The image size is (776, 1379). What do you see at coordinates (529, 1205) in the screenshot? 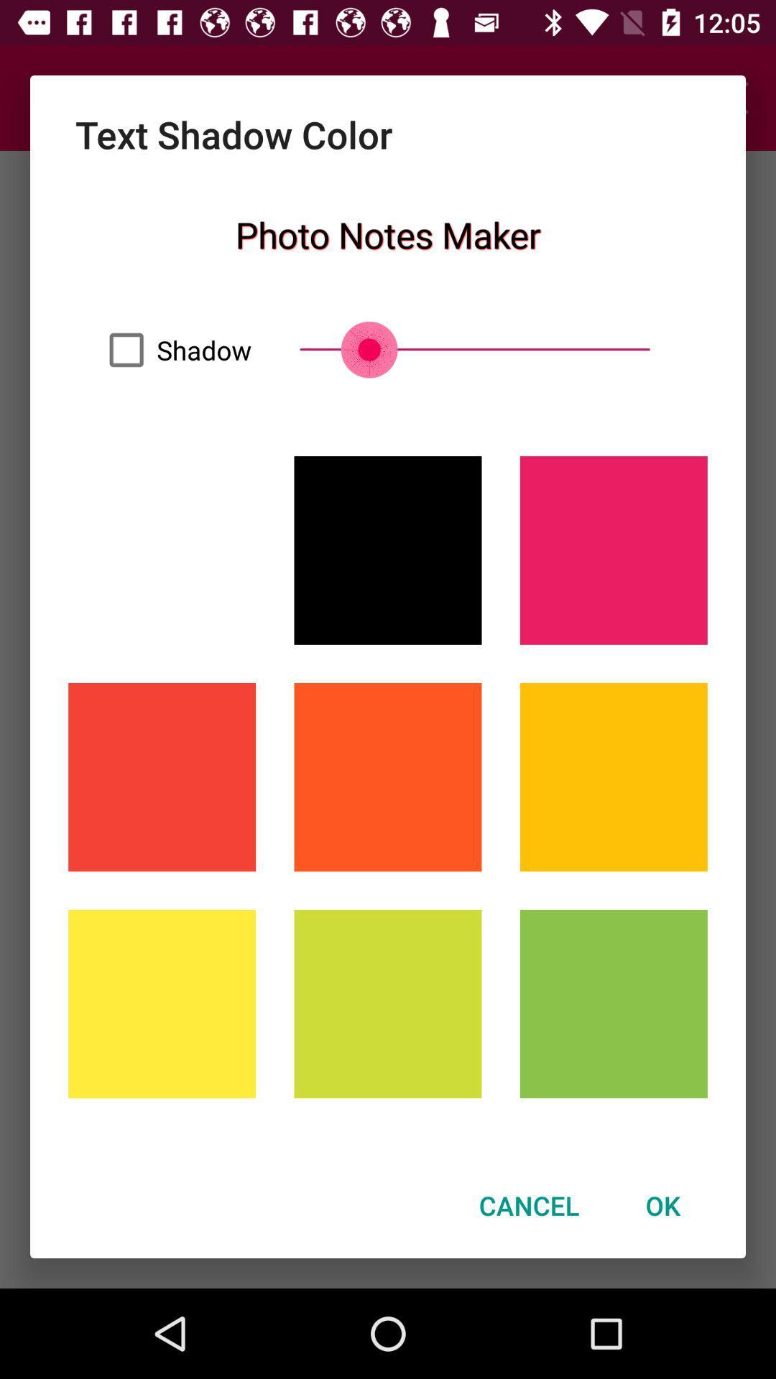
I see `the icon to the left of the ok` at bounding box center [529, 1205].